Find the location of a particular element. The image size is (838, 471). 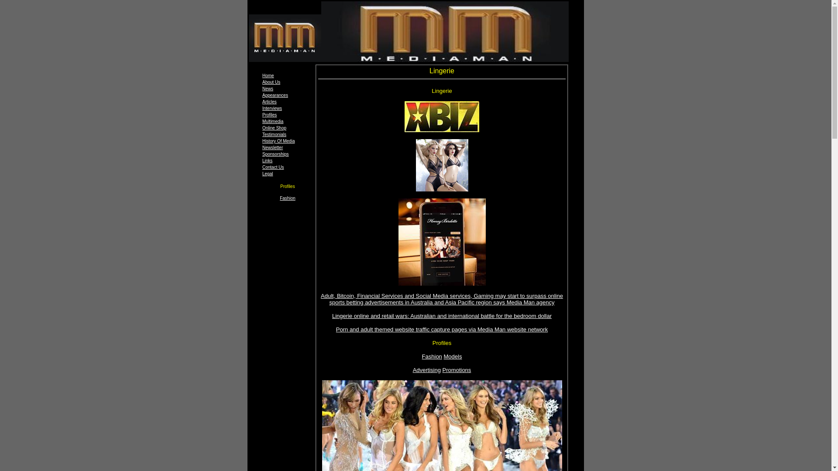

'About Us' is located at coordinates (271, 82).